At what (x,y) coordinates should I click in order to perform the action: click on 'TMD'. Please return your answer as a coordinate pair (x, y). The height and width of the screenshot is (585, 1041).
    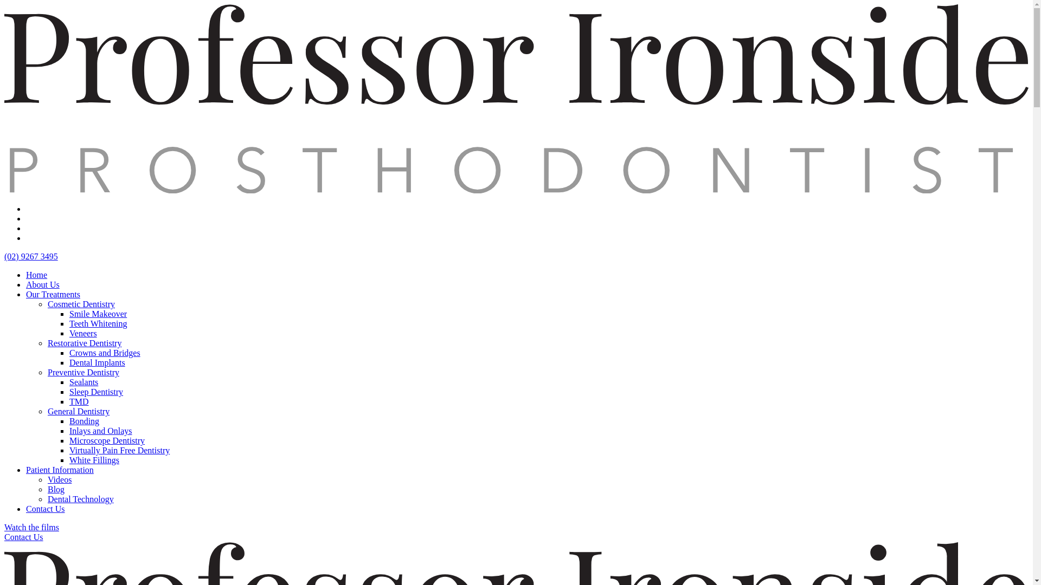
    Looking at the image, I should click on (78, 401).